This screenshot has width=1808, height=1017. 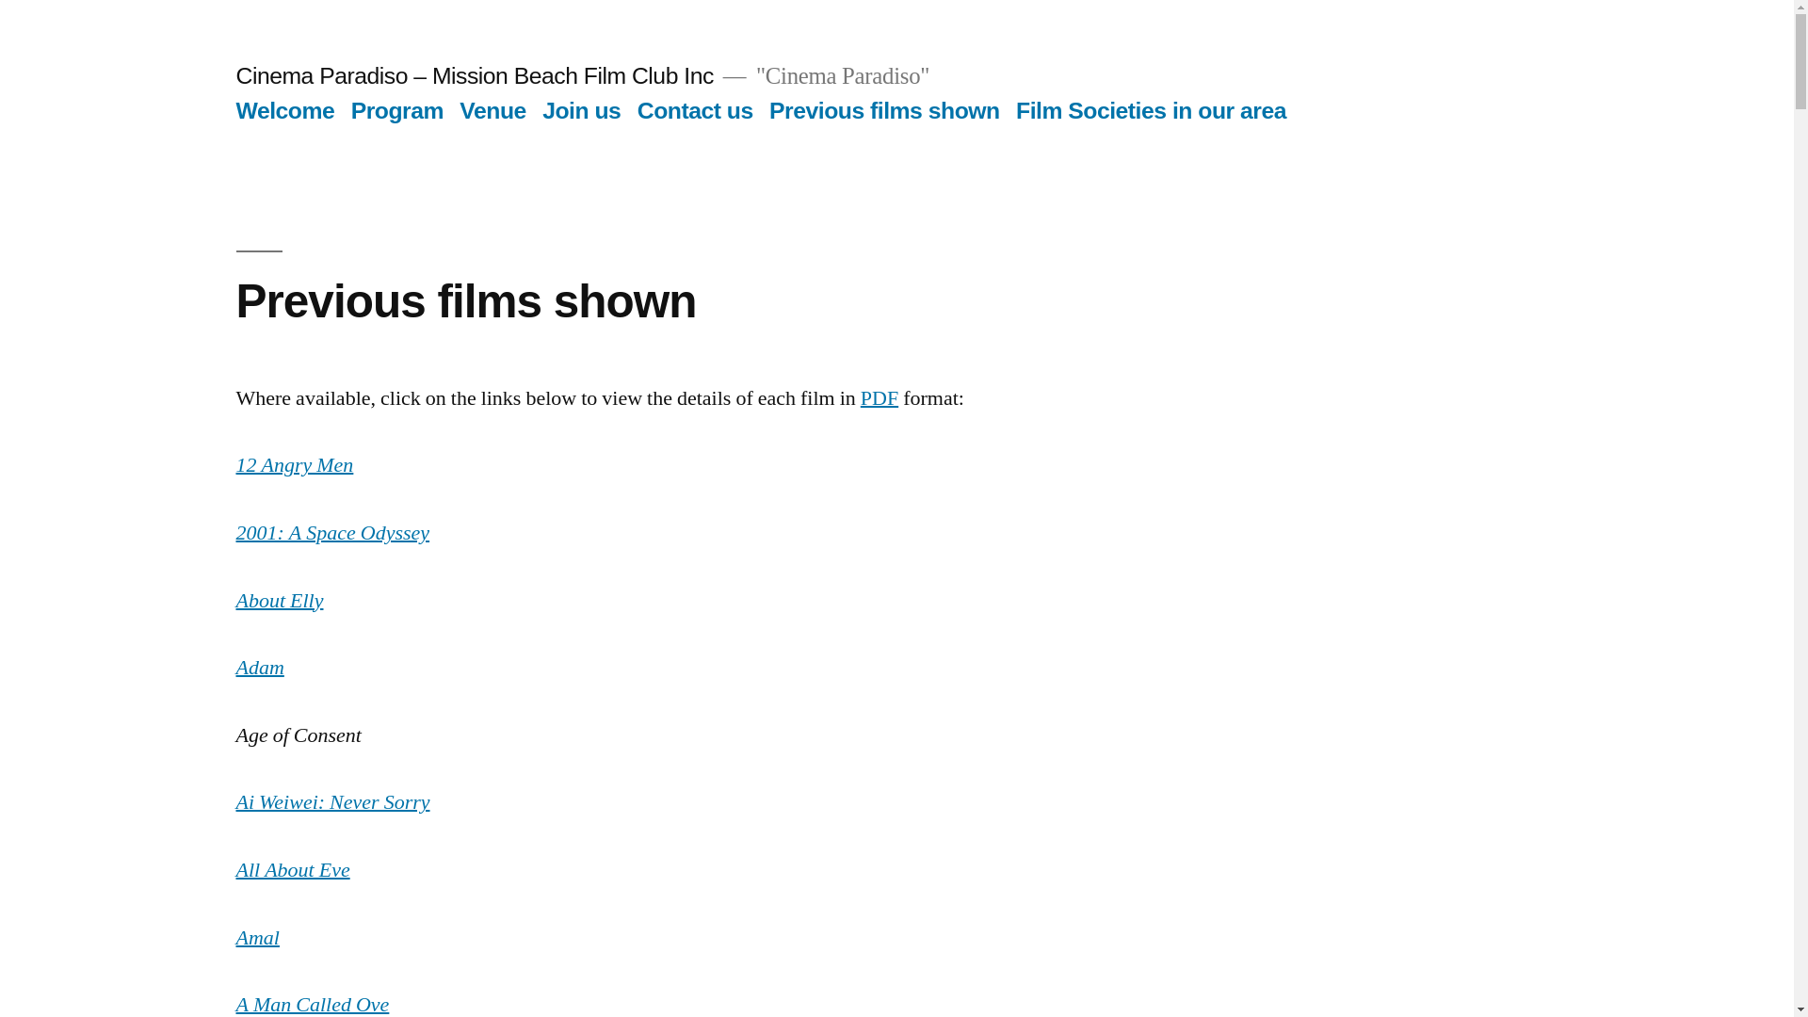 I want to click on '2001: A Space Odyssey', so click(x=332, y=533).